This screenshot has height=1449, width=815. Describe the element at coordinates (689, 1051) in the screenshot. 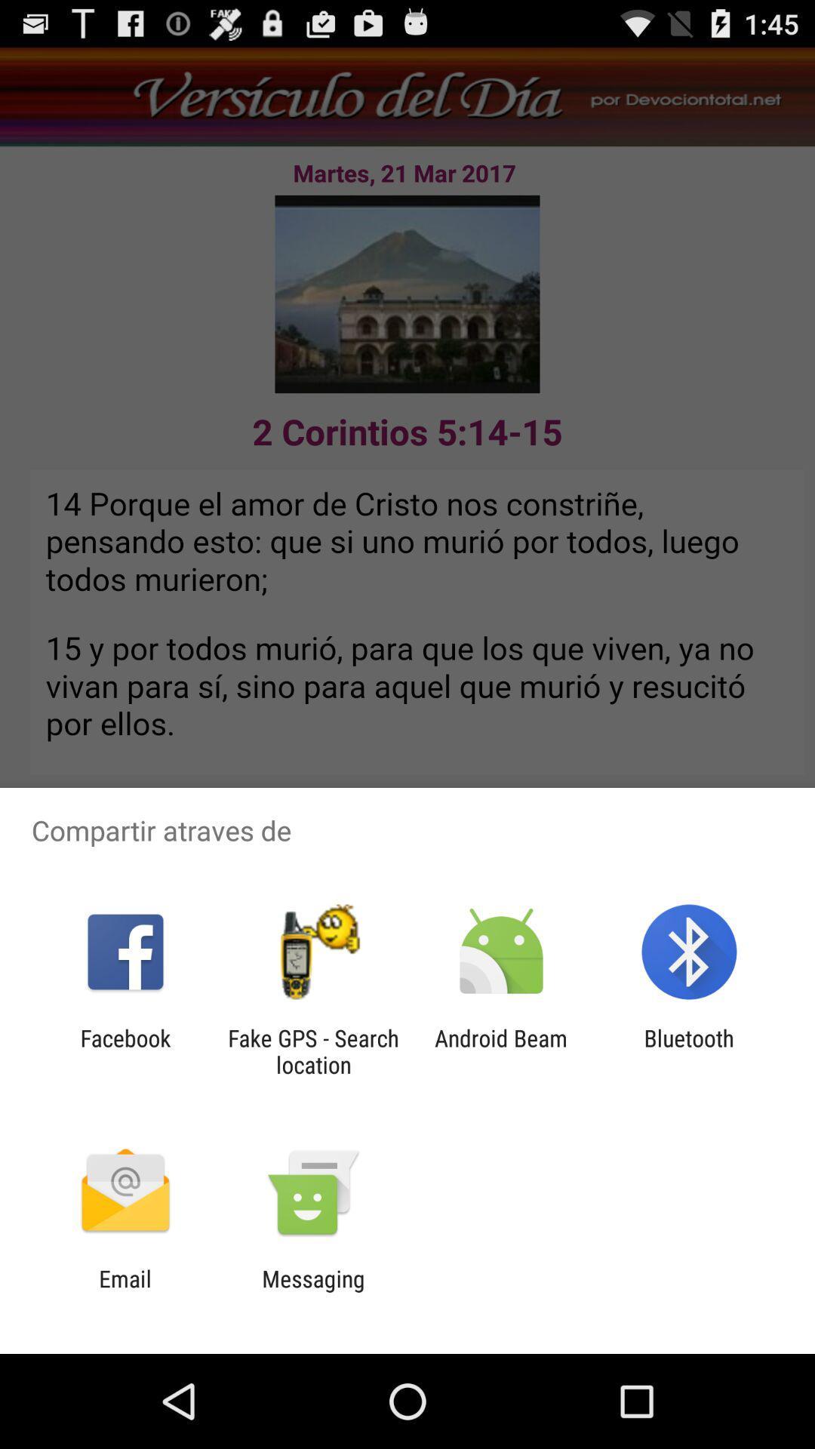

I see `bluetooth app` at that location.